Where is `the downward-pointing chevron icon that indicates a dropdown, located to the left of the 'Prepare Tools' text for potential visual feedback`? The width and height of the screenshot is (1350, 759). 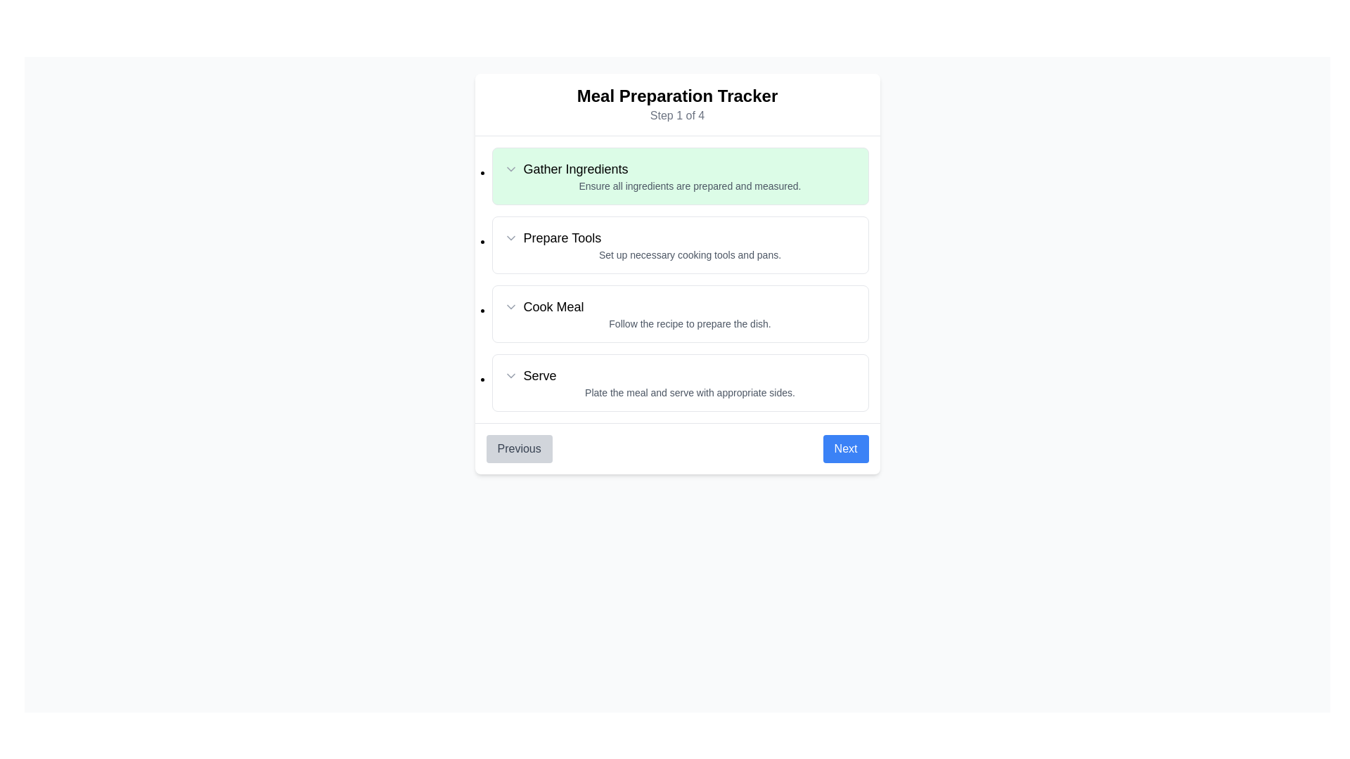 the downward-pointing chevron icon that indicates a dropdown, located to the left of the 'Prepare Tools' text for potential visual feedback is located at coordinates (510, 238).